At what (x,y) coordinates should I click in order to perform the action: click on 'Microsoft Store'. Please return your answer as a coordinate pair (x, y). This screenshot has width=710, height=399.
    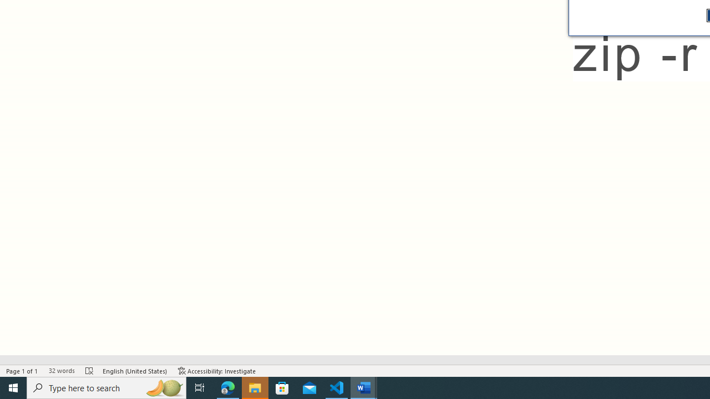
    Looking at the image, I should click on (282, 387).